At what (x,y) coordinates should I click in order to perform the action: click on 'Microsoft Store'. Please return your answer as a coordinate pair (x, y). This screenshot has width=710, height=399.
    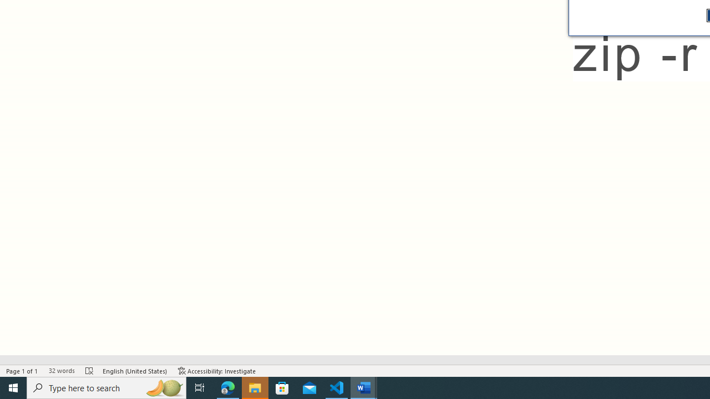
    Looking at the image, I should click on (282, 387).